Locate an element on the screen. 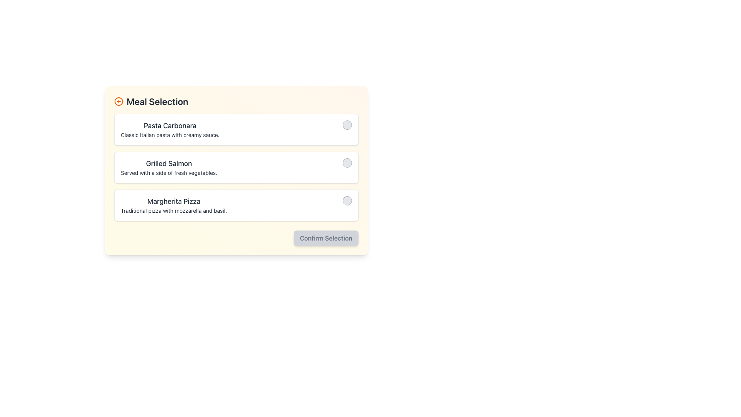 This screenshot has width=741, height=417. the first item in the meal selection options is located at coordinates (236, 129).